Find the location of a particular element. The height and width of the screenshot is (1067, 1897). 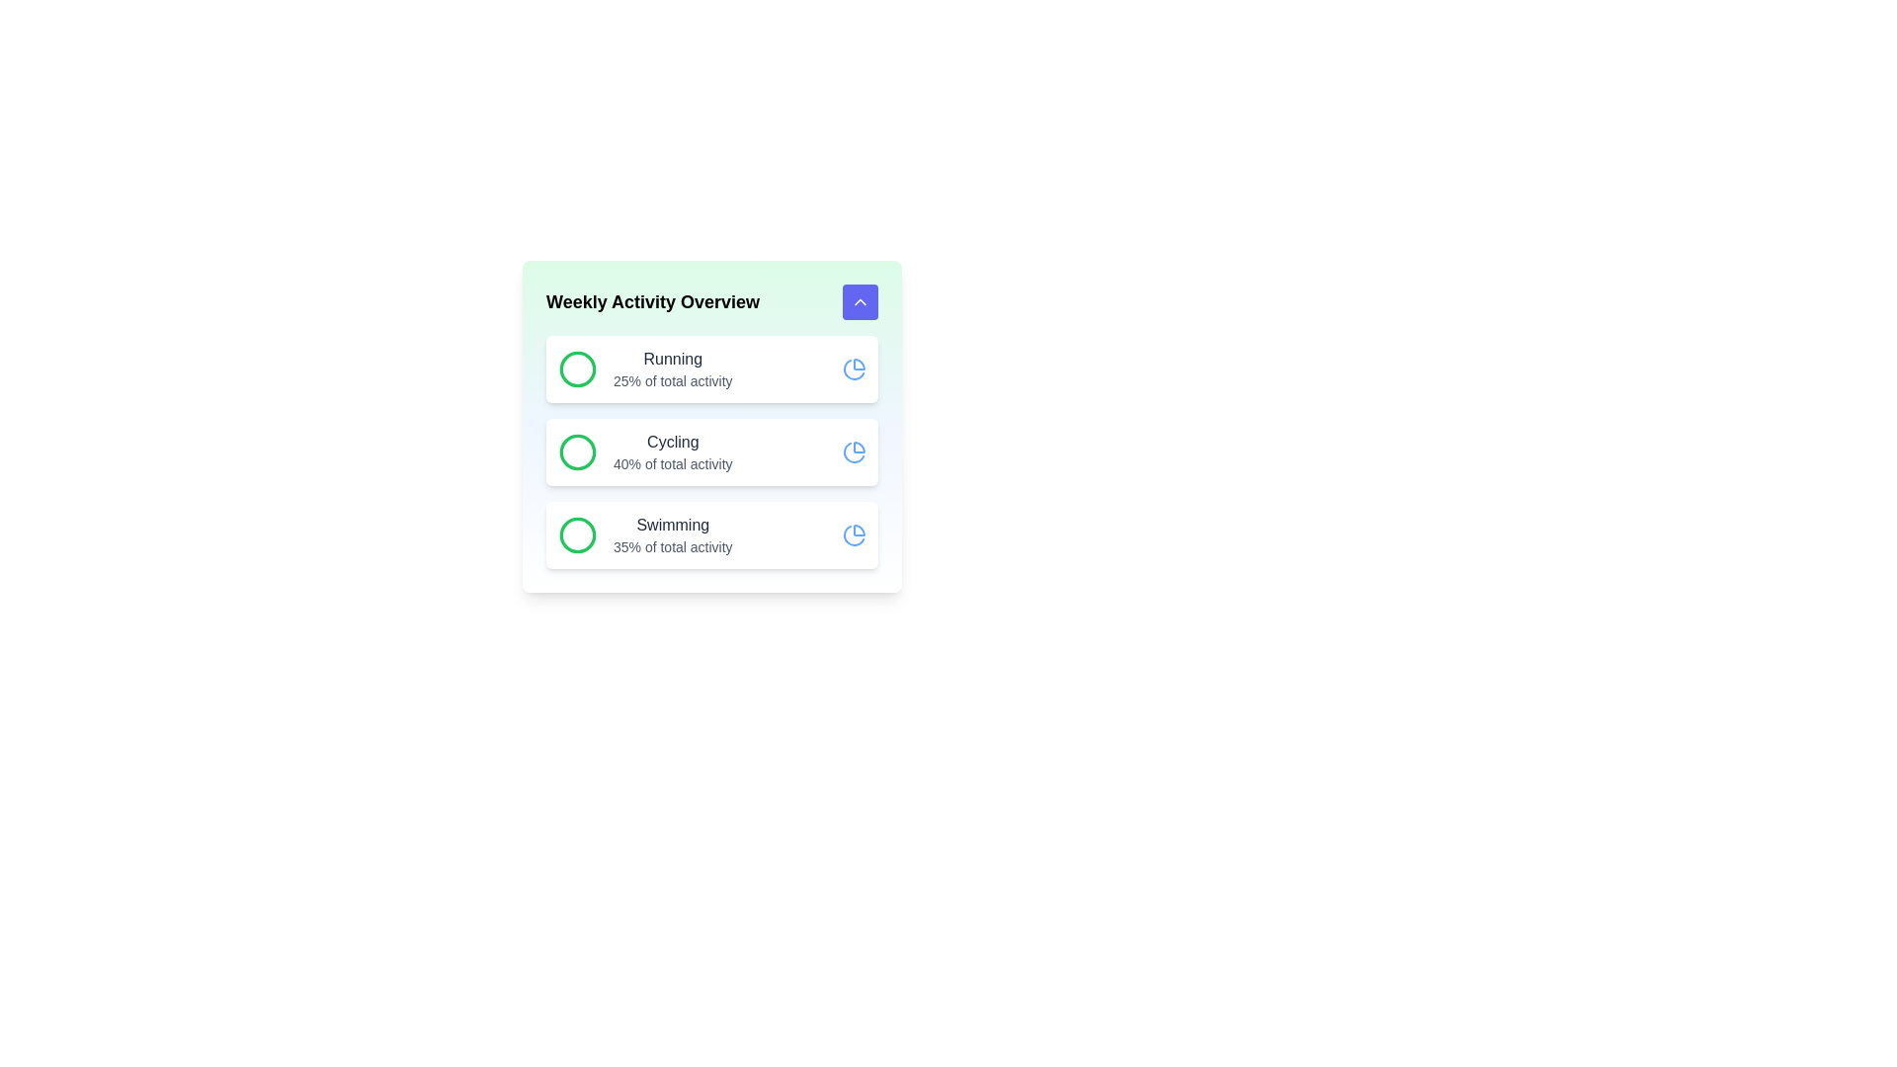

the Information display block that provides details about the activity 'Swimming' and its contribution of '35% of total activity' is located at coordinates (673, 535).